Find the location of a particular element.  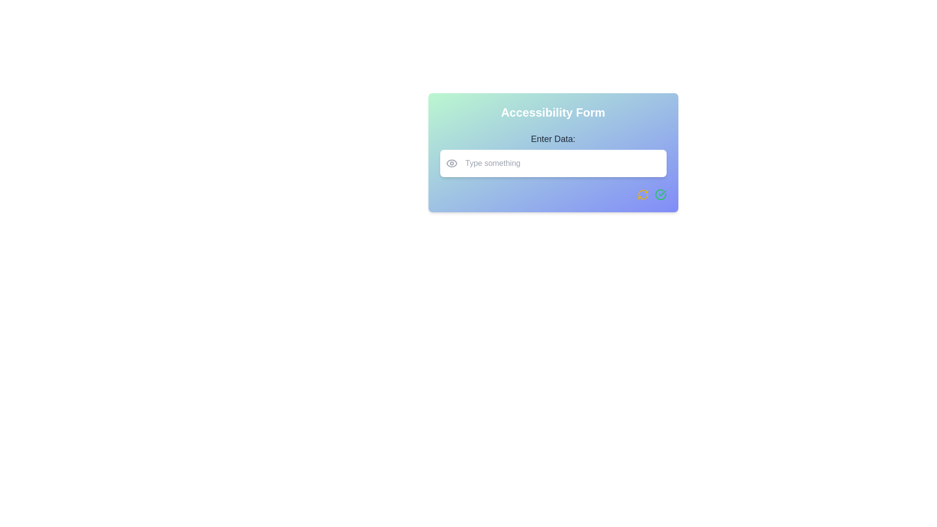

the refresh icon, which is a bold yellow two-arrows-in-a-circle shape located at the bottom-right corner of the form interface, to trigger additional tooltip or visual feedback is located at coordinates (643, 194).